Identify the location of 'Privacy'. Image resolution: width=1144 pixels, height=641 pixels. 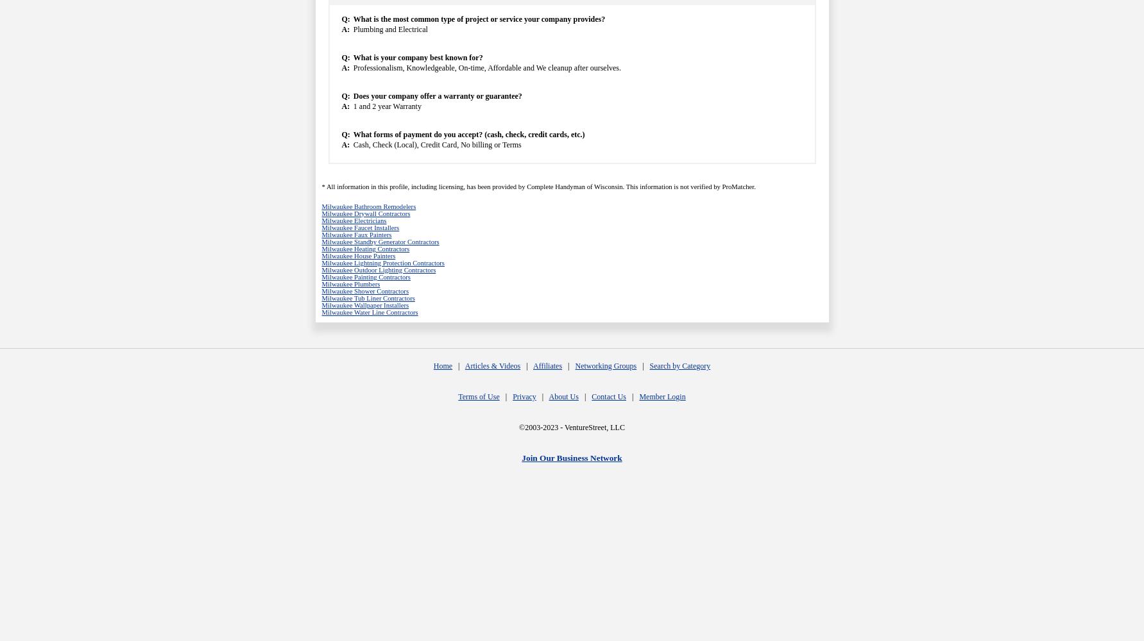
(524, 396).